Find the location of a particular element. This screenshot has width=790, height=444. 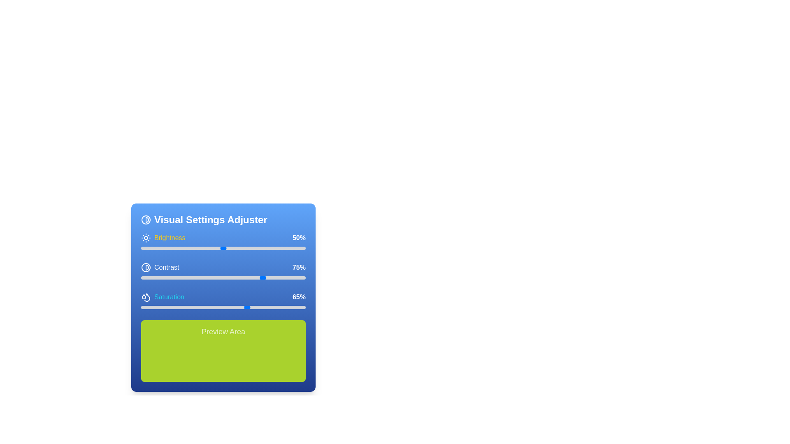

the text label displaying the current brightness value as a percentage, located at the far right of the 'Brightness' control row is located at coordinates (297, 238).